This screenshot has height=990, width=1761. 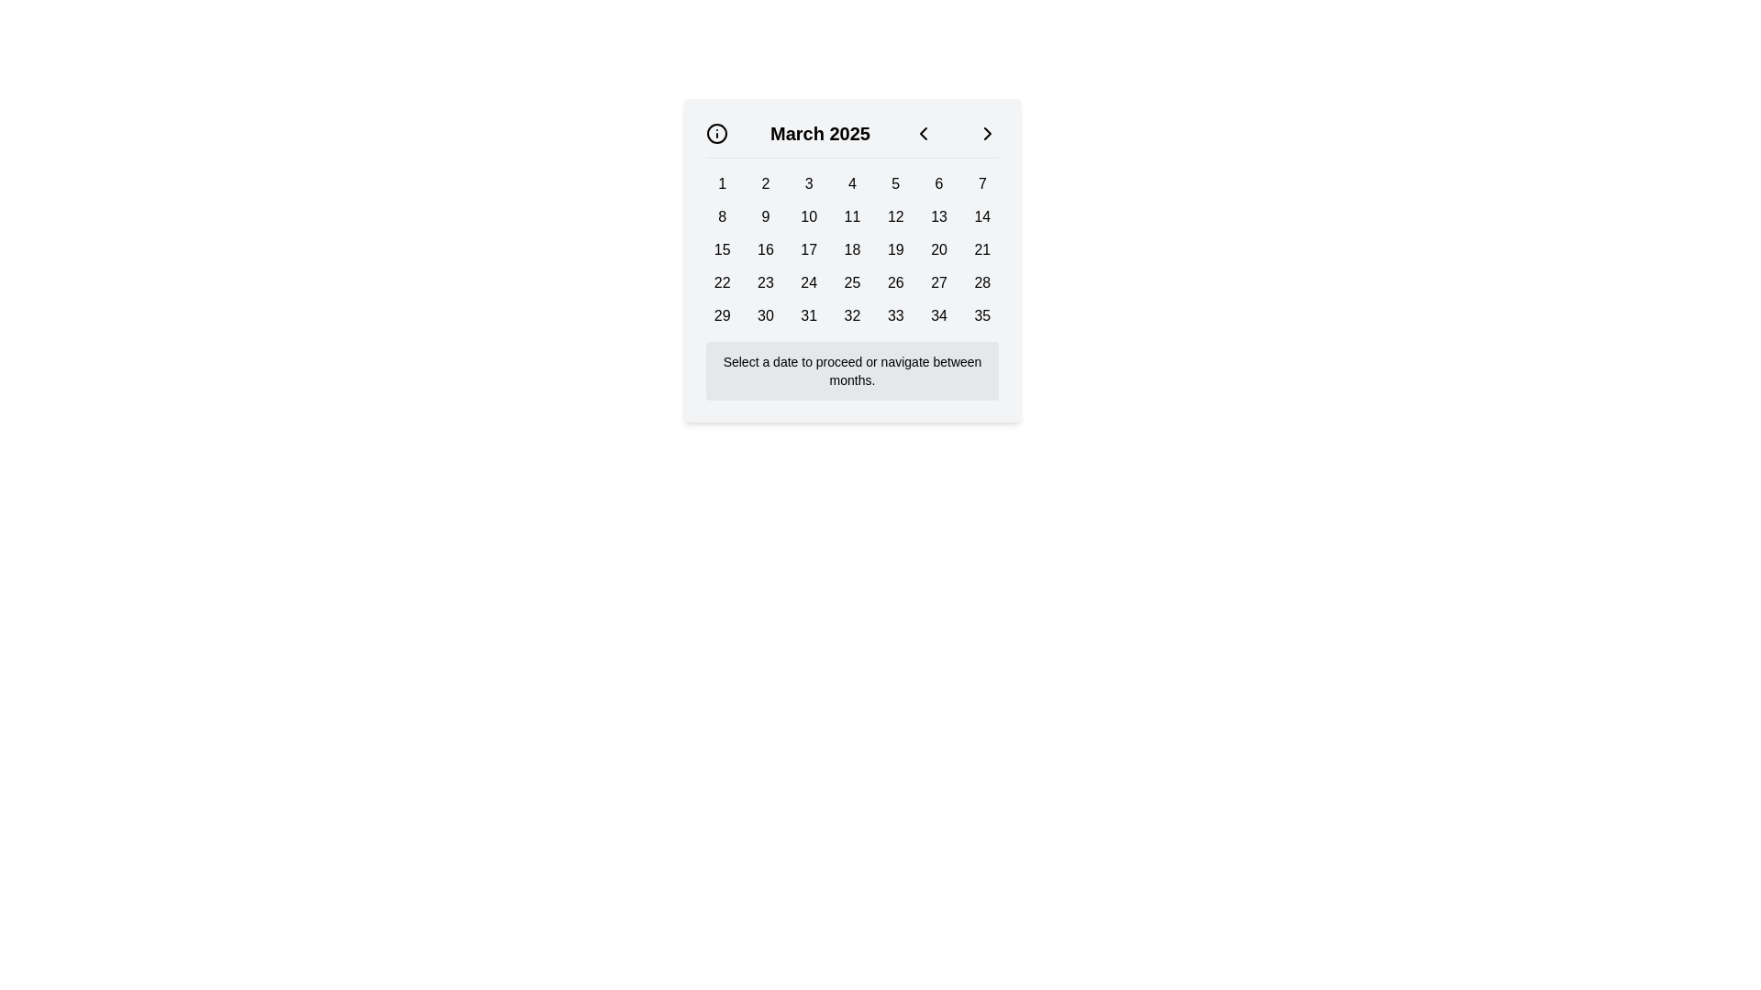 I want to click on the button representing the date '17' in the calendar grid, so click(x=808, y=250).